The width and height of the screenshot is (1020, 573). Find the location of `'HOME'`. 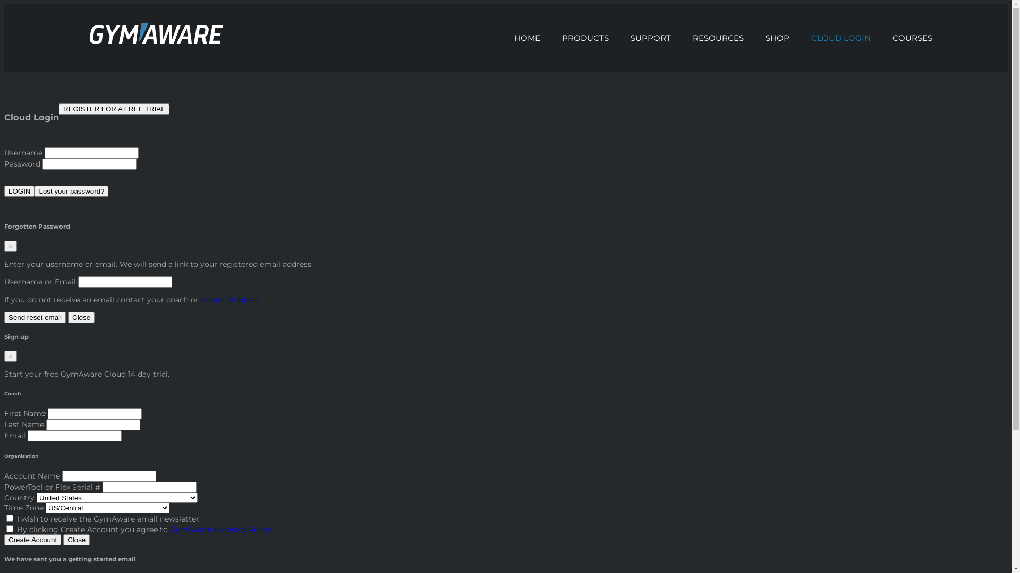

'HOME' is located at coordinates (528, 37).